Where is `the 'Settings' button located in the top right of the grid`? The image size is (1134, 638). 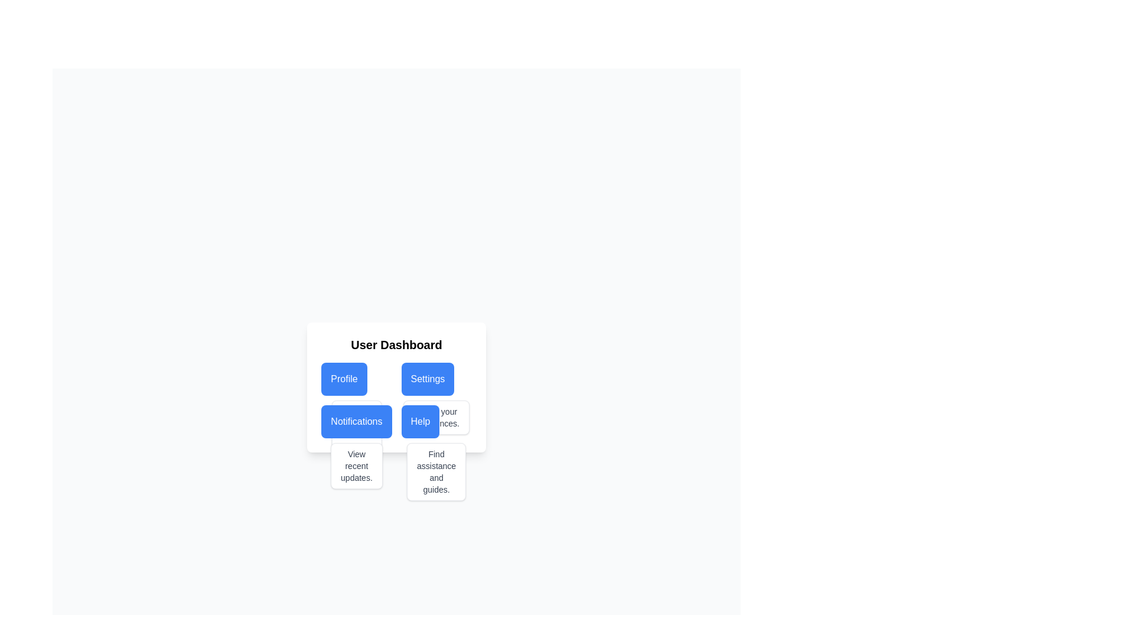 the 'Settings' button located in the top right of the grid is located at coordinates (436, 379).